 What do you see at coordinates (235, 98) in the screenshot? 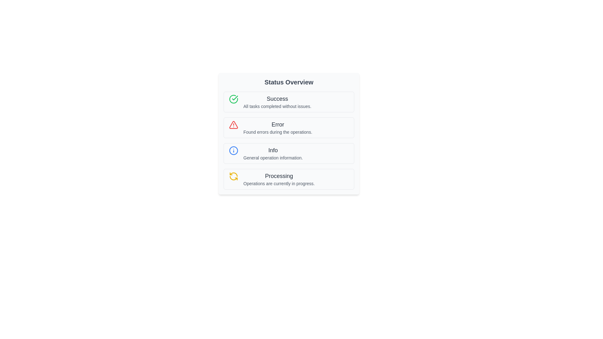
I see `the SVG checkmark icon representing a success state in the top-left corner of the 'Success' section of the 'Status Overview' panel` at bounding box center [235, 98].